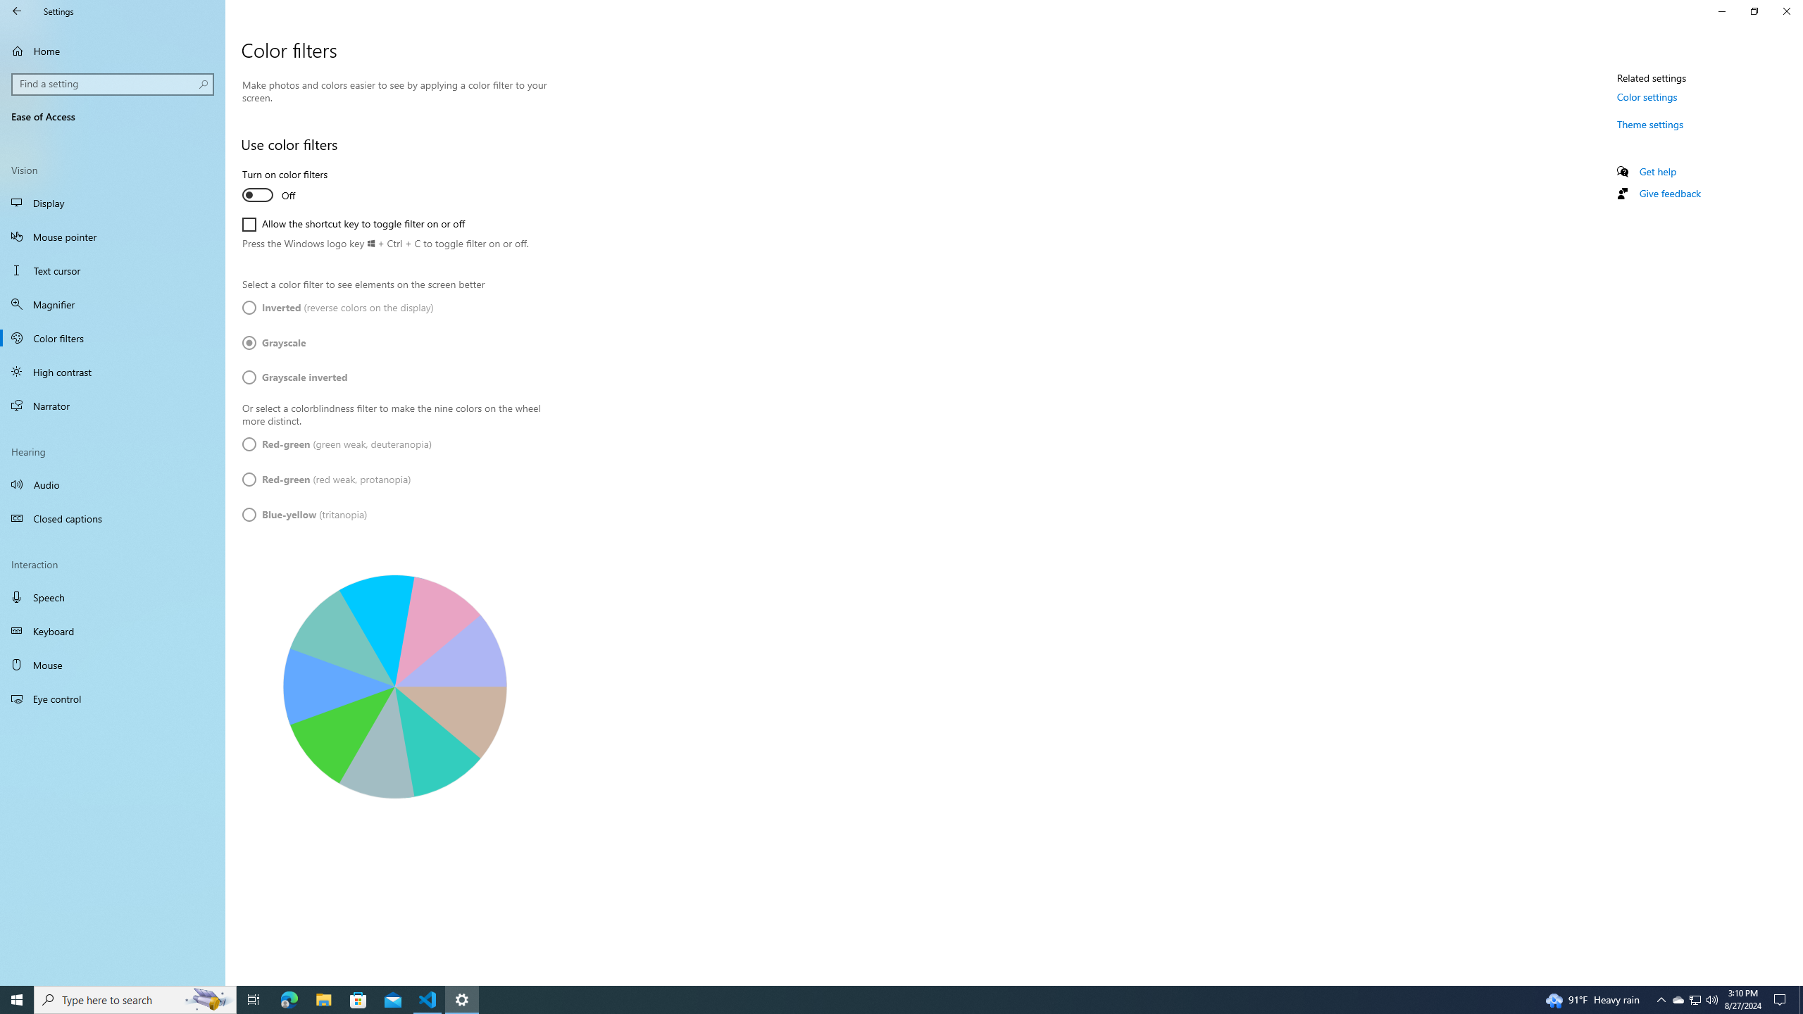 The width and height of the screenshot is (1803, 1014). I want to click on 'Action Center, No new notifications', so click(1782, 999).